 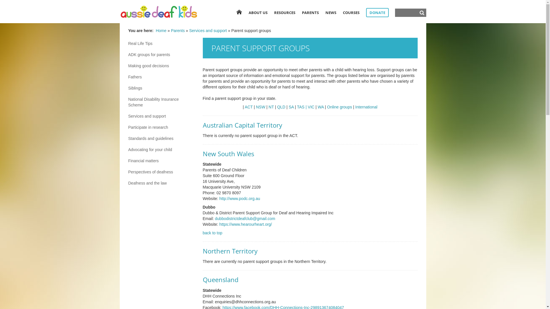 I want to click on 'Making good decisions', so click(x=161, y=66).